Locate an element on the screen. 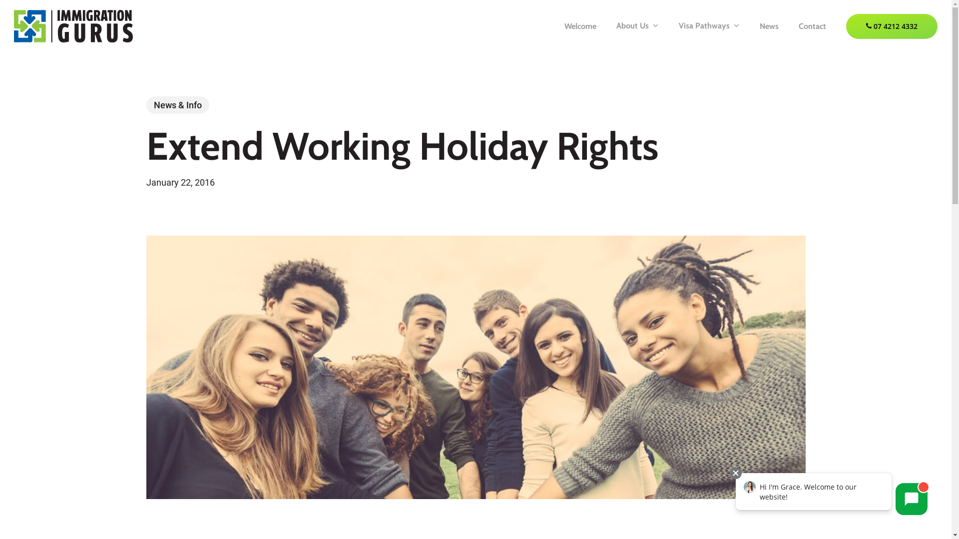  'Welcome' is located at coordinates (580, 25).